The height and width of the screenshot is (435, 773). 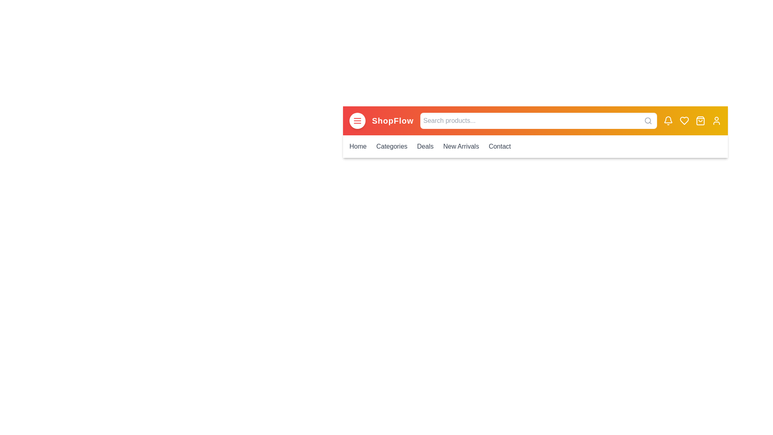 I want to click on the menu link corresponding to Deals, so click(x=425, y=146).